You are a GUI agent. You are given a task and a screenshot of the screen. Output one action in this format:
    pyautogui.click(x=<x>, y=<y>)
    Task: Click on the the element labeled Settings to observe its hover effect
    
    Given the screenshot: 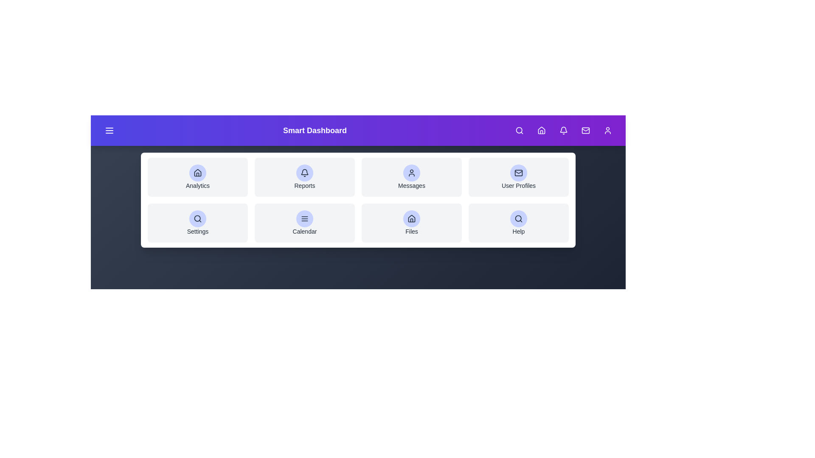 What is the action you would take?
    pyautogui.click(x=197, y=222)
    